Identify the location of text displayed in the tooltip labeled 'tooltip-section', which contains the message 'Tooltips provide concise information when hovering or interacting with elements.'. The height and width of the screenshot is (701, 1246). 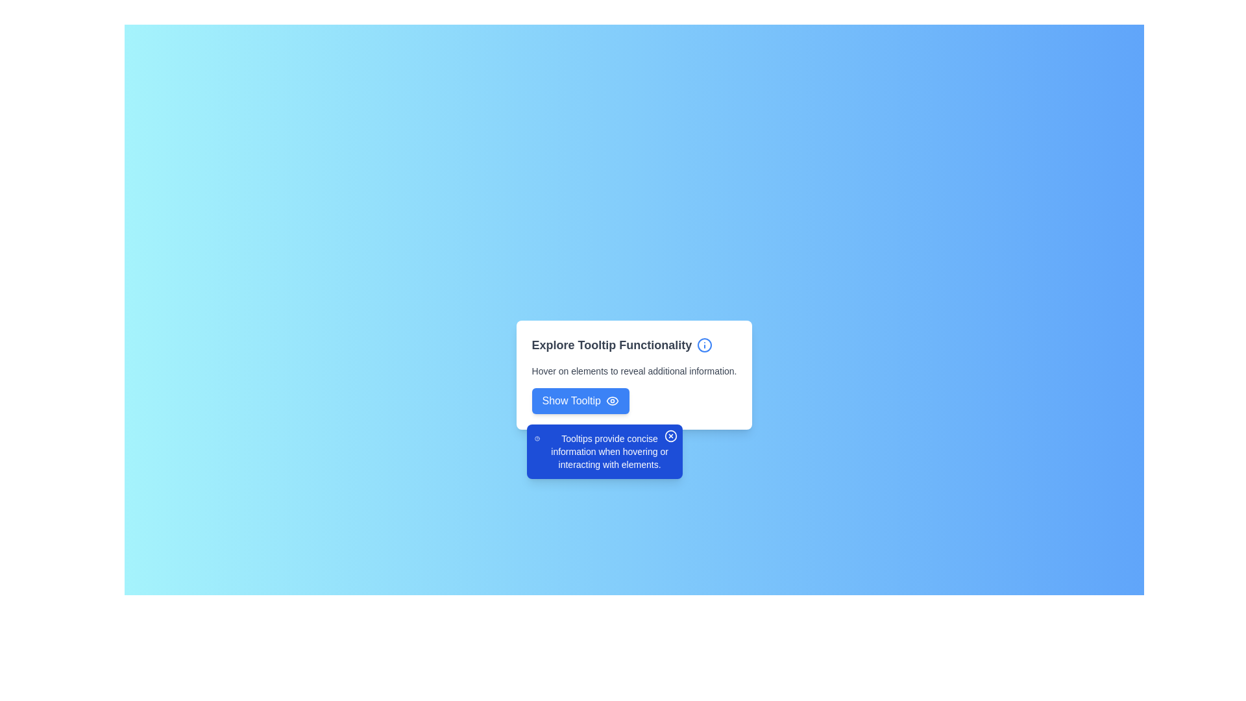
(604, 450).